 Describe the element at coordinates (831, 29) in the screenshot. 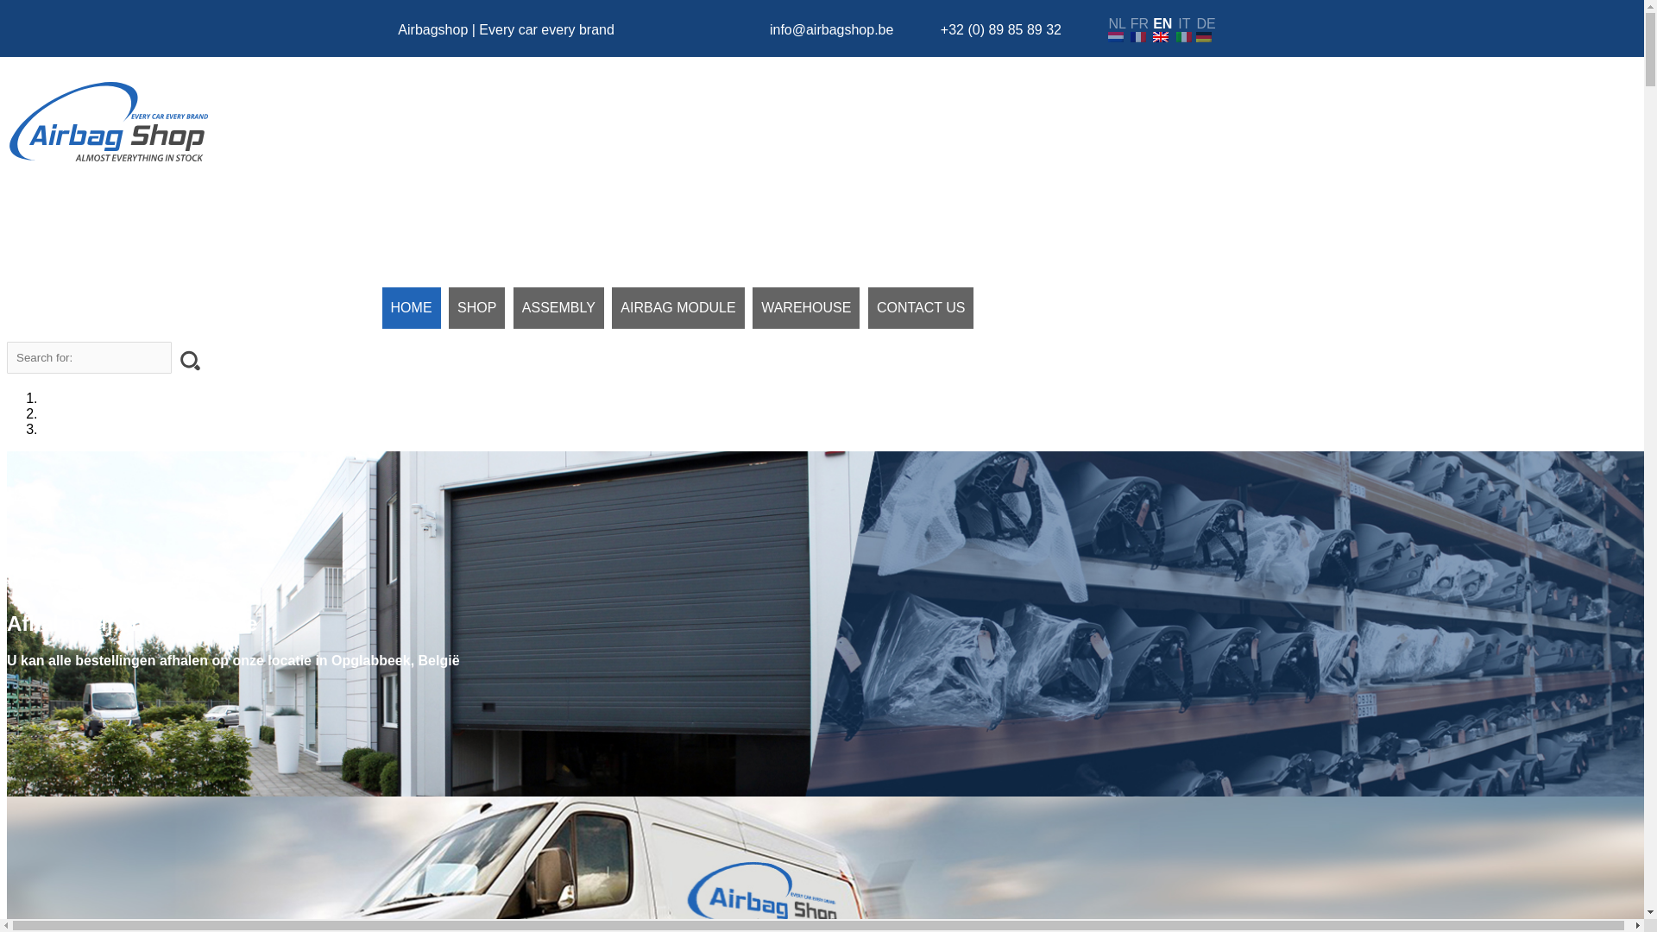

I see `'info@airbagshop.be'` at that location.